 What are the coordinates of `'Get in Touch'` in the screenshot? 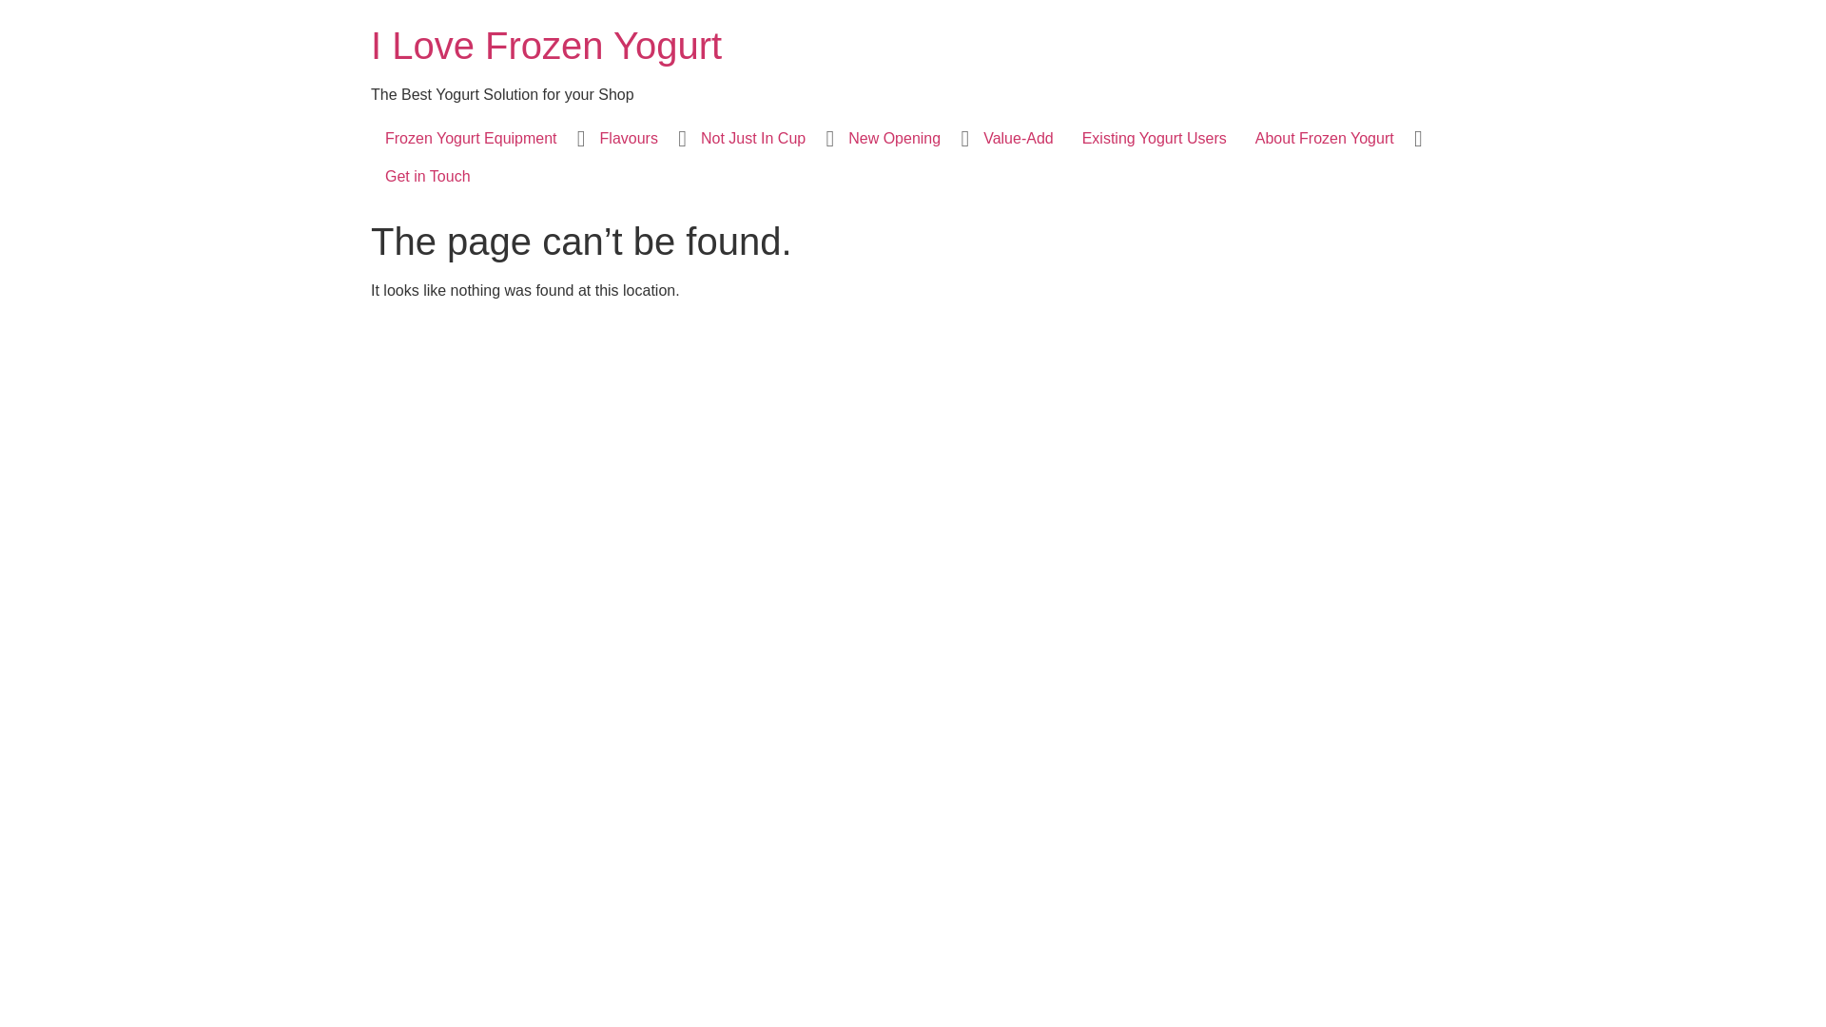 It's located at (427, 176).